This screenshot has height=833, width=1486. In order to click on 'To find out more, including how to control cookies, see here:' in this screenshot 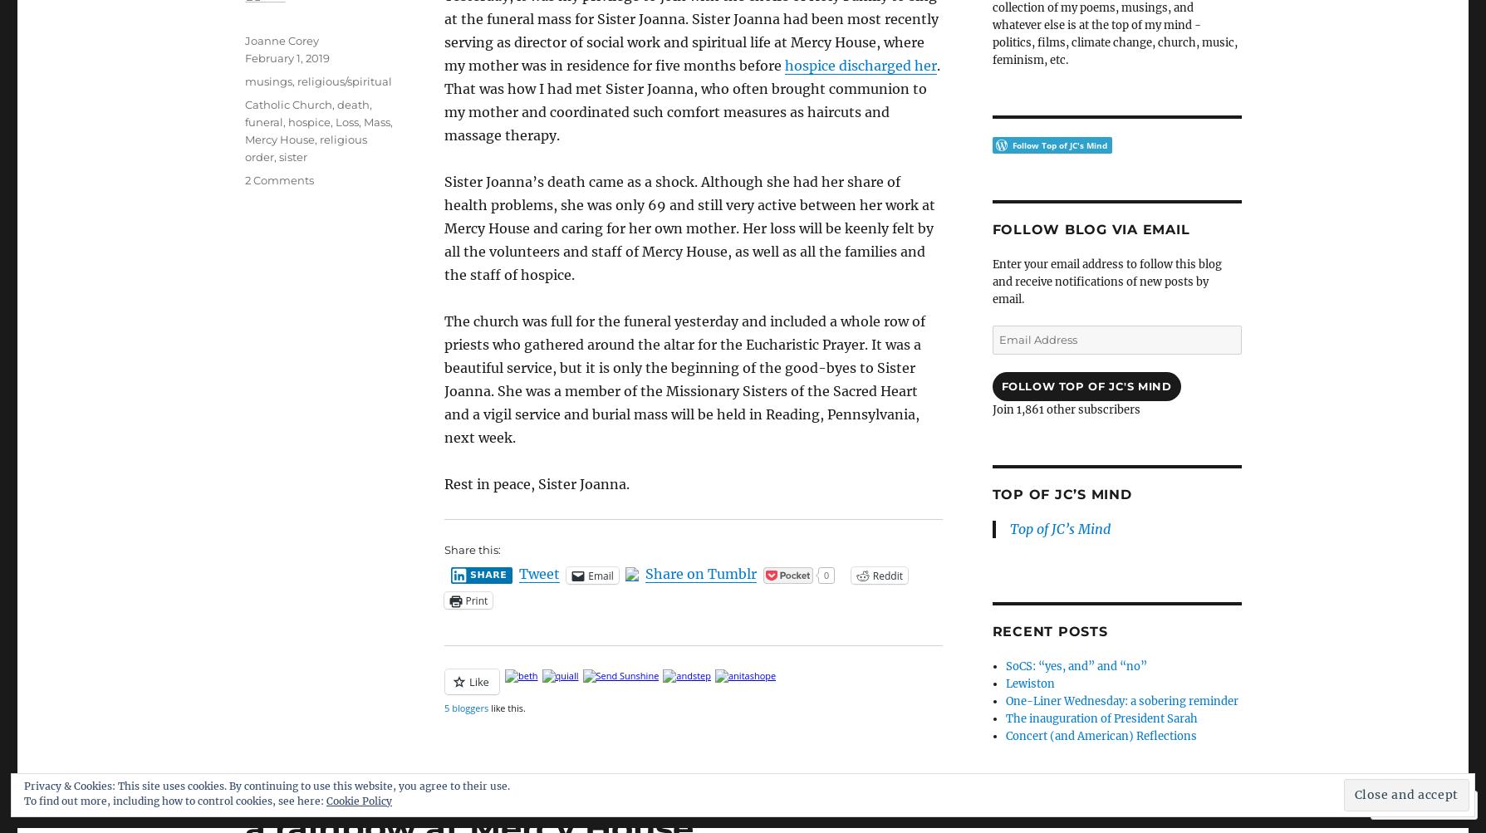, I will do `click(174, 800)`.